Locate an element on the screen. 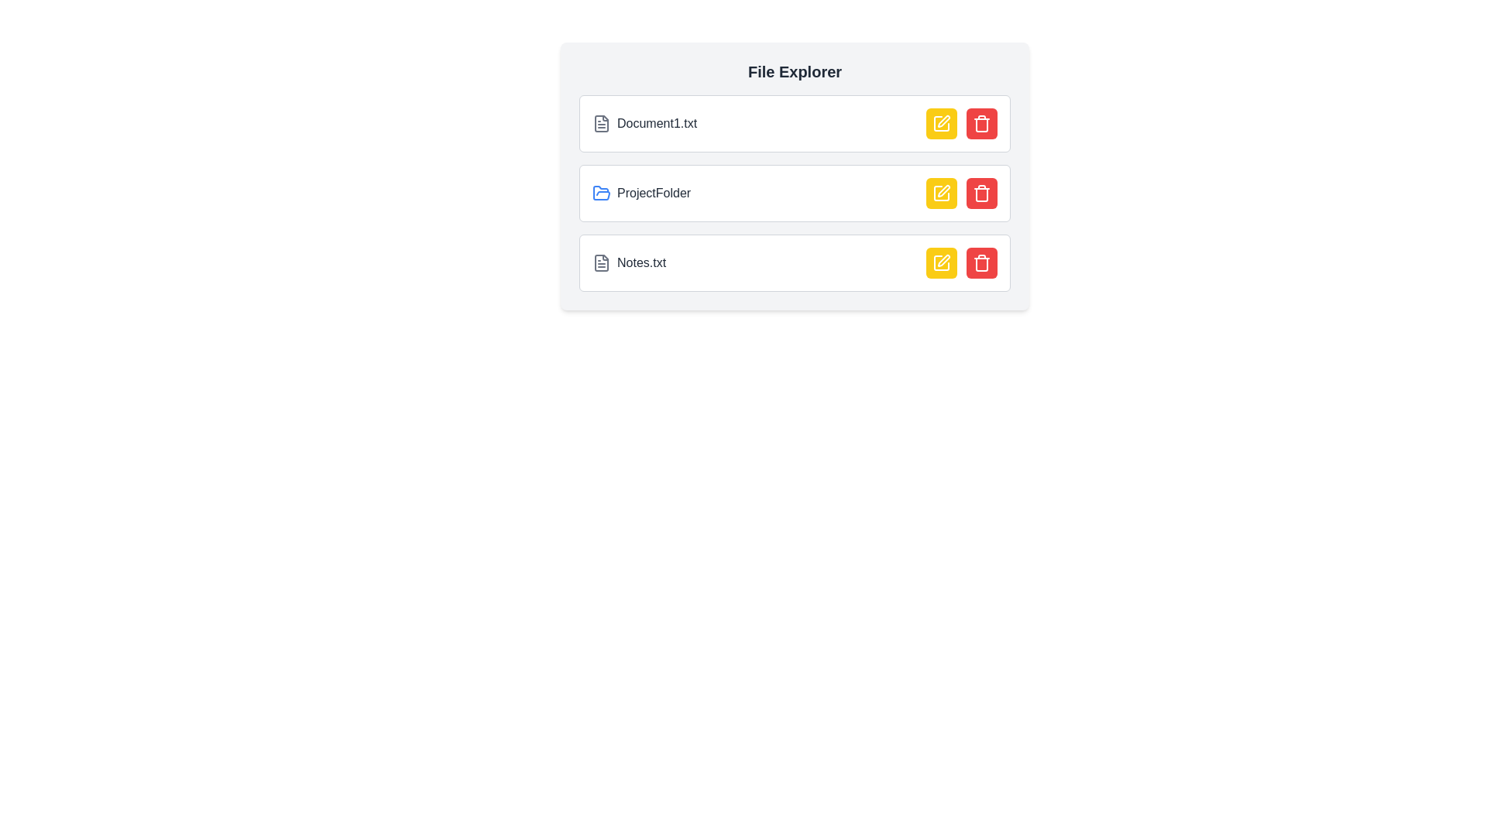 This screenshot has height=836, width=1487. symbolic representation of the file document icon located to the left of 'Notes.txt' in the 'File Explorer' panel is located at coordinates (601, 262).